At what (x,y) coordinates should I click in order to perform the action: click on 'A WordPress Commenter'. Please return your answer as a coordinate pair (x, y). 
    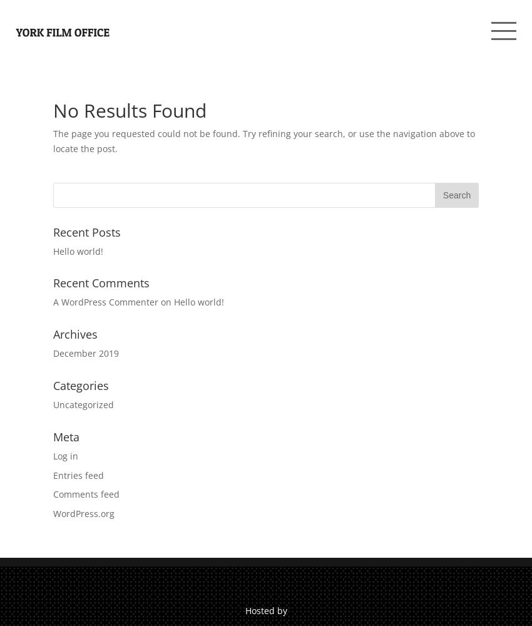
    Looking at the image, I should click on (105, 301).